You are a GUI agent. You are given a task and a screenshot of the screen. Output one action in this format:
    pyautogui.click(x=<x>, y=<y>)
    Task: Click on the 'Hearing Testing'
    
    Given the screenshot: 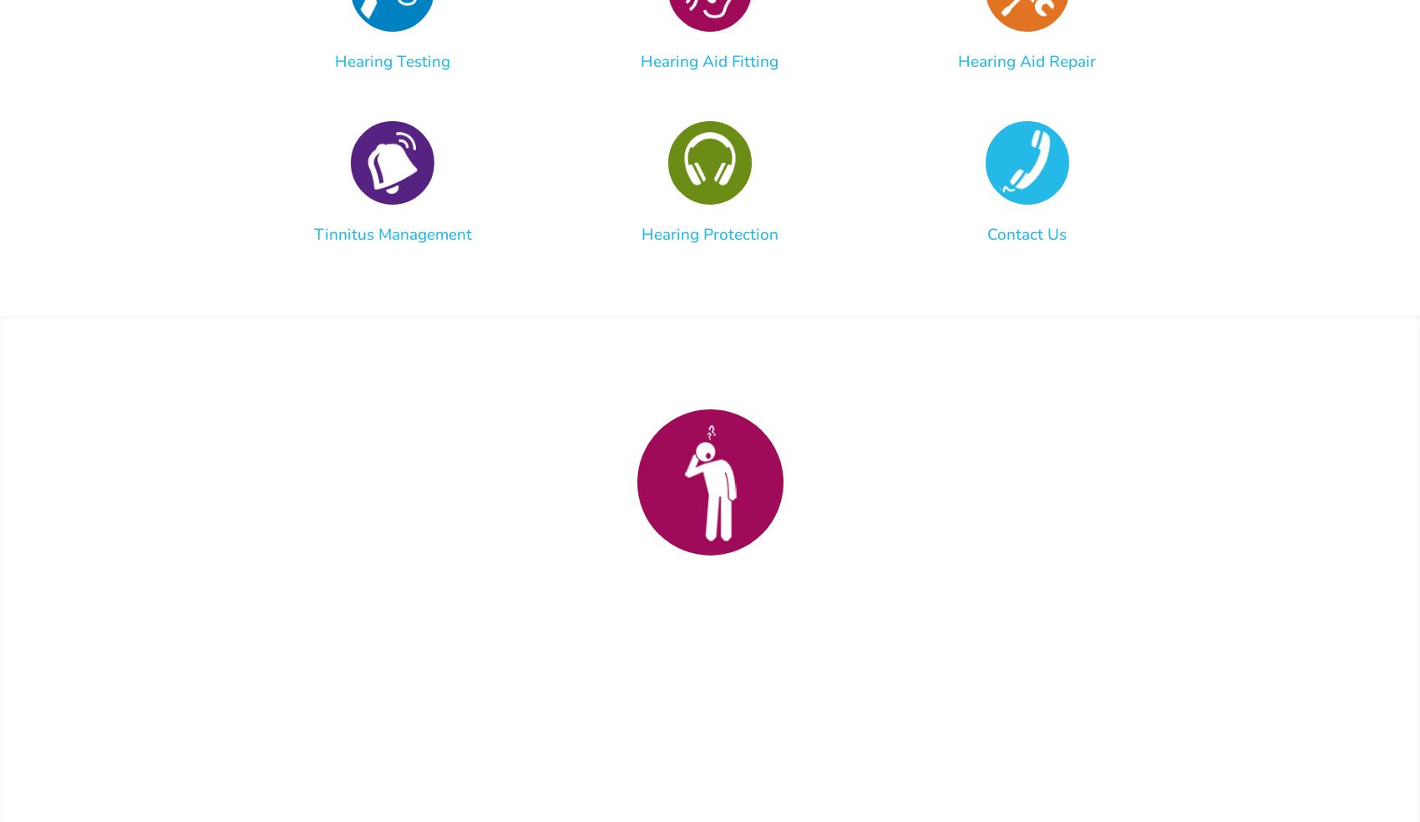 What is the action you would take?
    pyautogui.click(x=393, y=60)
    